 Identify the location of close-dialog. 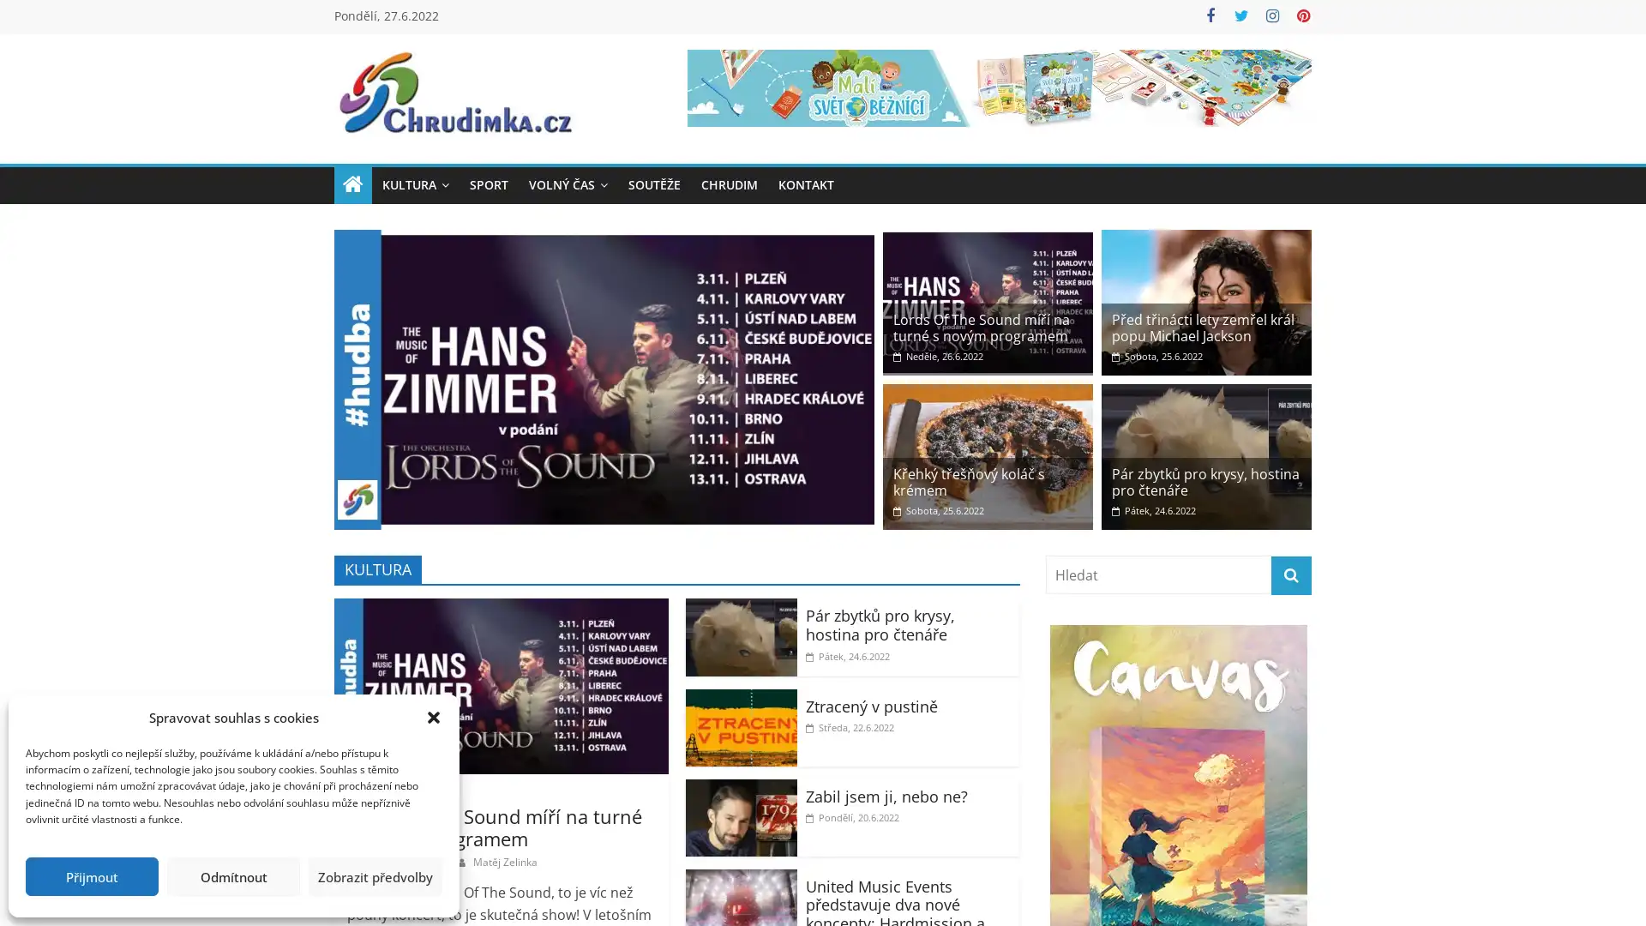
(433, 718).